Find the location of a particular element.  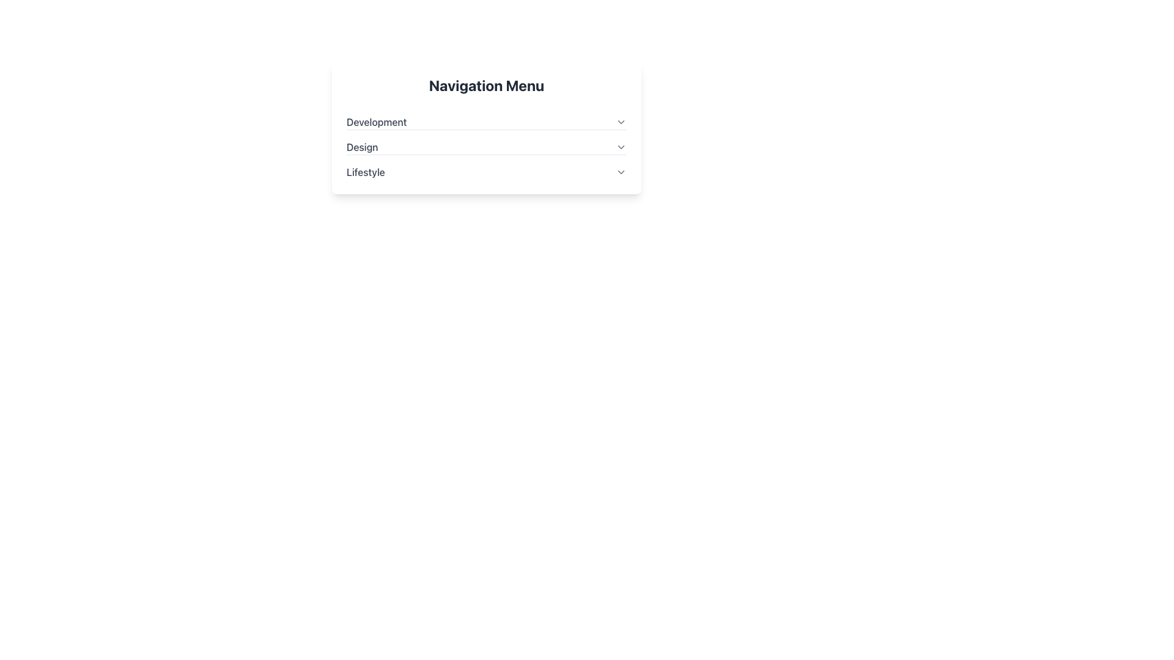

the third item in the navigation menu, labeled 'Lifestyle' is located at coordinates (486, 167).